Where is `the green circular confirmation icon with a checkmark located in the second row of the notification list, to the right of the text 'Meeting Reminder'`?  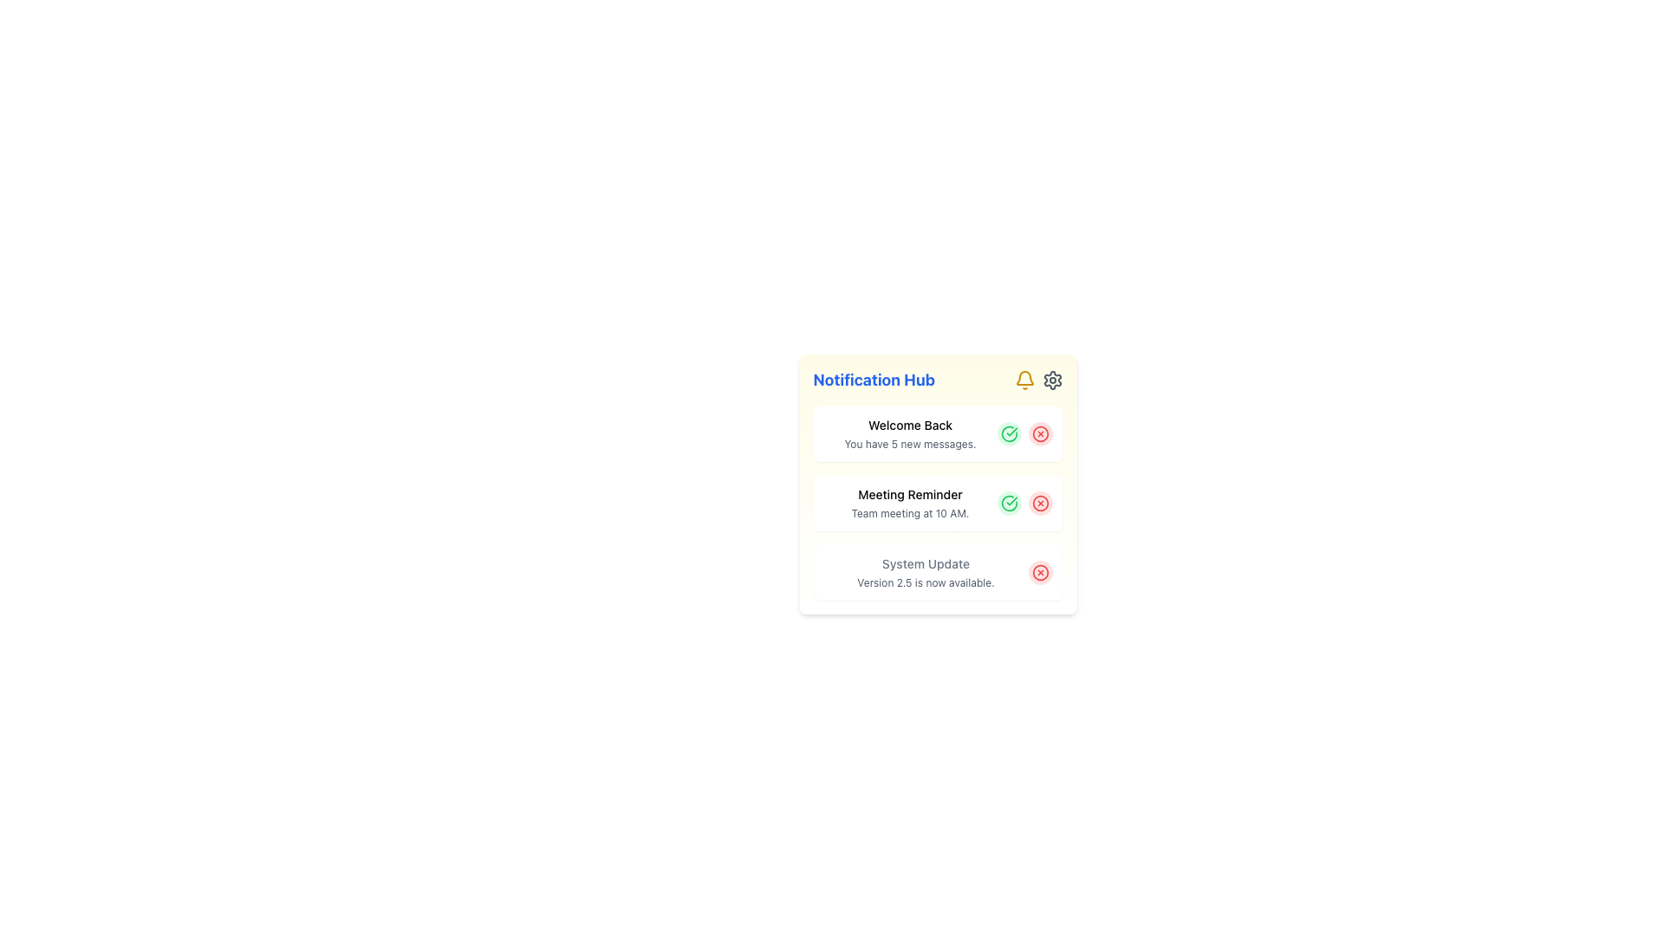 the green circular confirmation icon with a checkmark located in the second row of the notification list, to the right of the text 'Meeting Reminder' is located at coordinates (1009, 504).